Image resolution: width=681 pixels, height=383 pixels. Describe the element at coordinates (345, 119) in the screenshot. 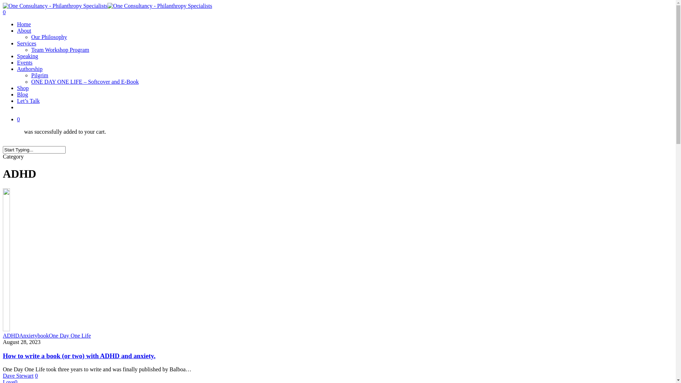

I see `'0'` at that location.